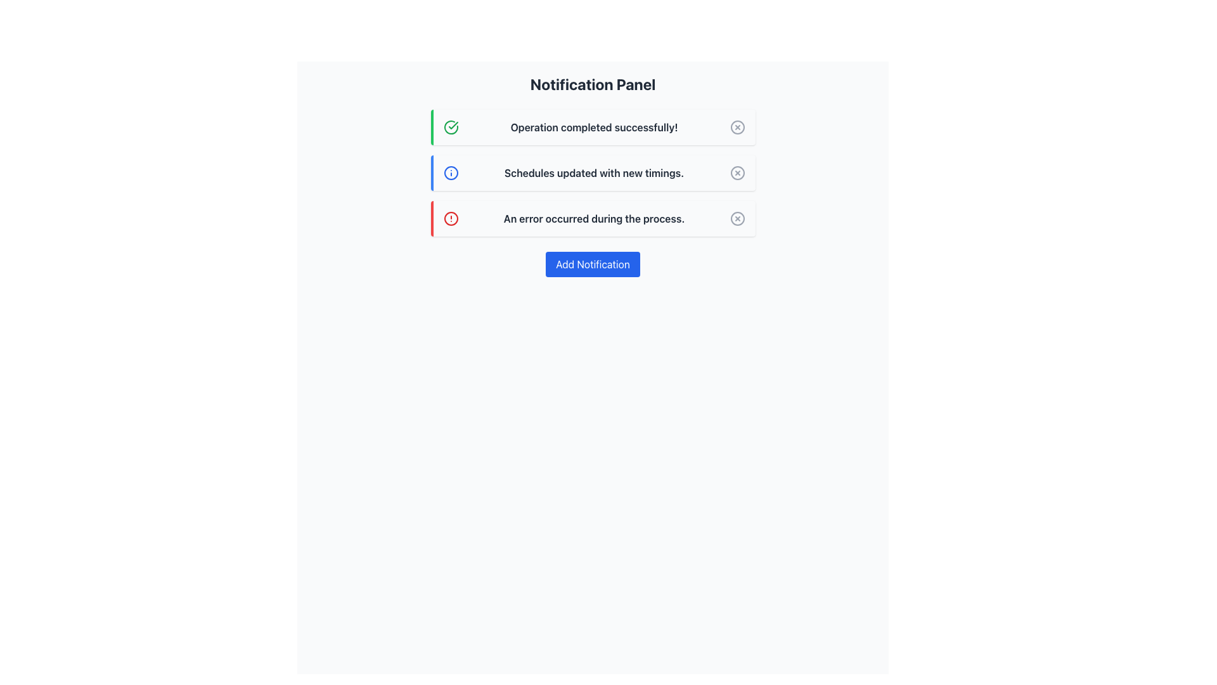  What do you see at coordinates (592, 218) in the screenshot?
I see `the Notification Box, which is the third notification in a vertical stack, positioned below 'Schedules updated with new timings.' and above the 'Add Notification' button` at bounding box center [592, 218].